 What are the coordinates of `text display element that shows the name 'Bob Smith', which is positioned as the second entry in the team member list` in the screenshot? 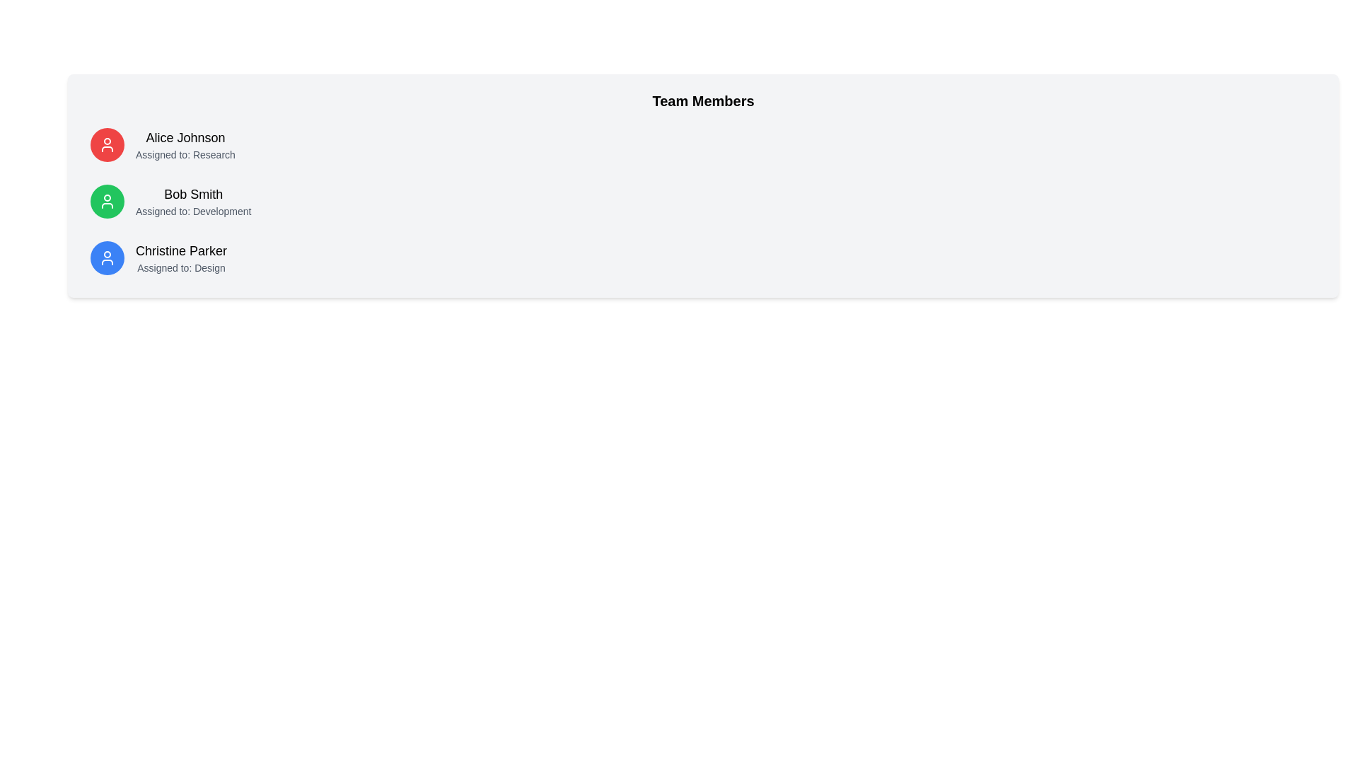 It's located at (192, 194).